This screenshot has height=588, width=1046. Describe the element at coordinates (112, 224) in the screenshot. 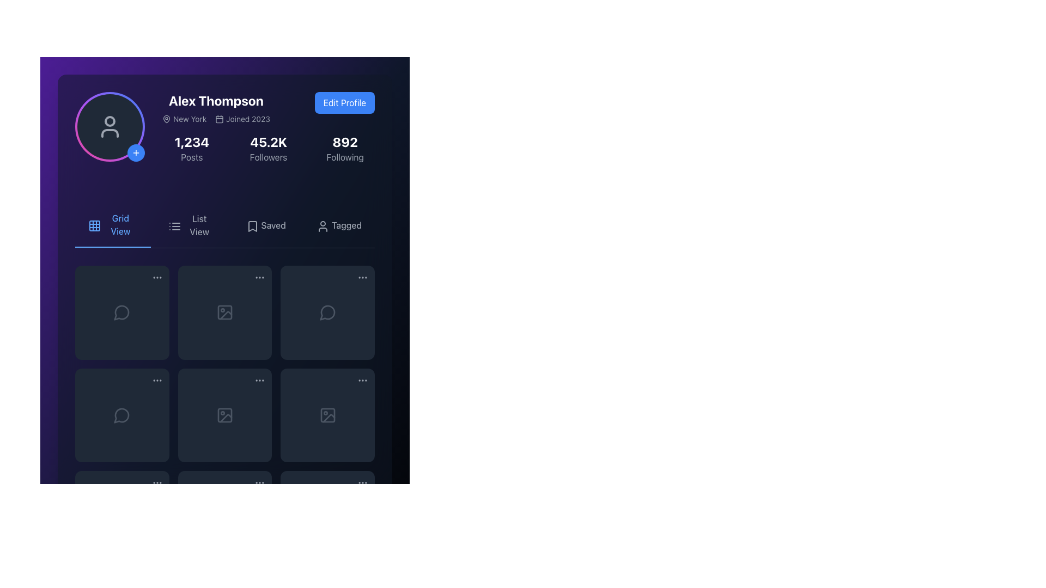

I see `the 'Grid View' button, which is the first button in the horizontal button group and features a blue color scheme with a grid icon on its left, to switch to grid view` at that location.